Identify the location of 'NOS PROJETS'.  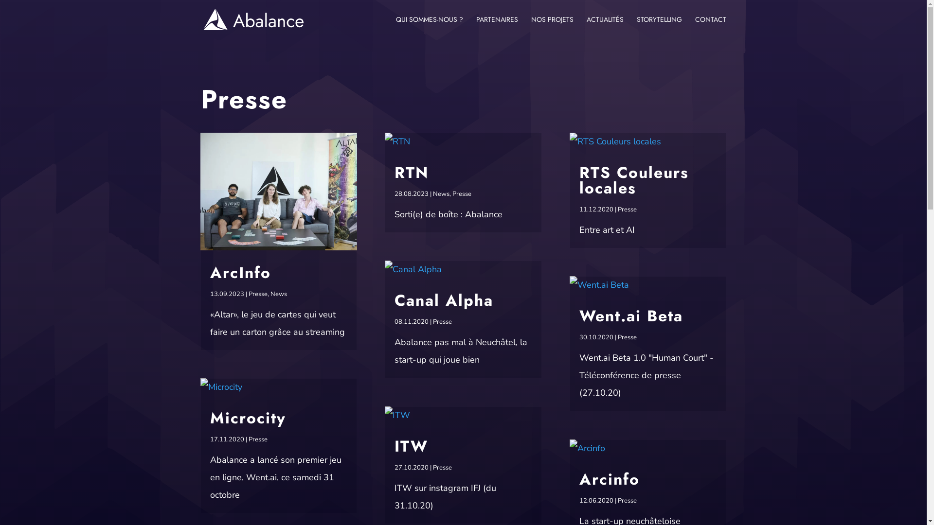
(552, 27).